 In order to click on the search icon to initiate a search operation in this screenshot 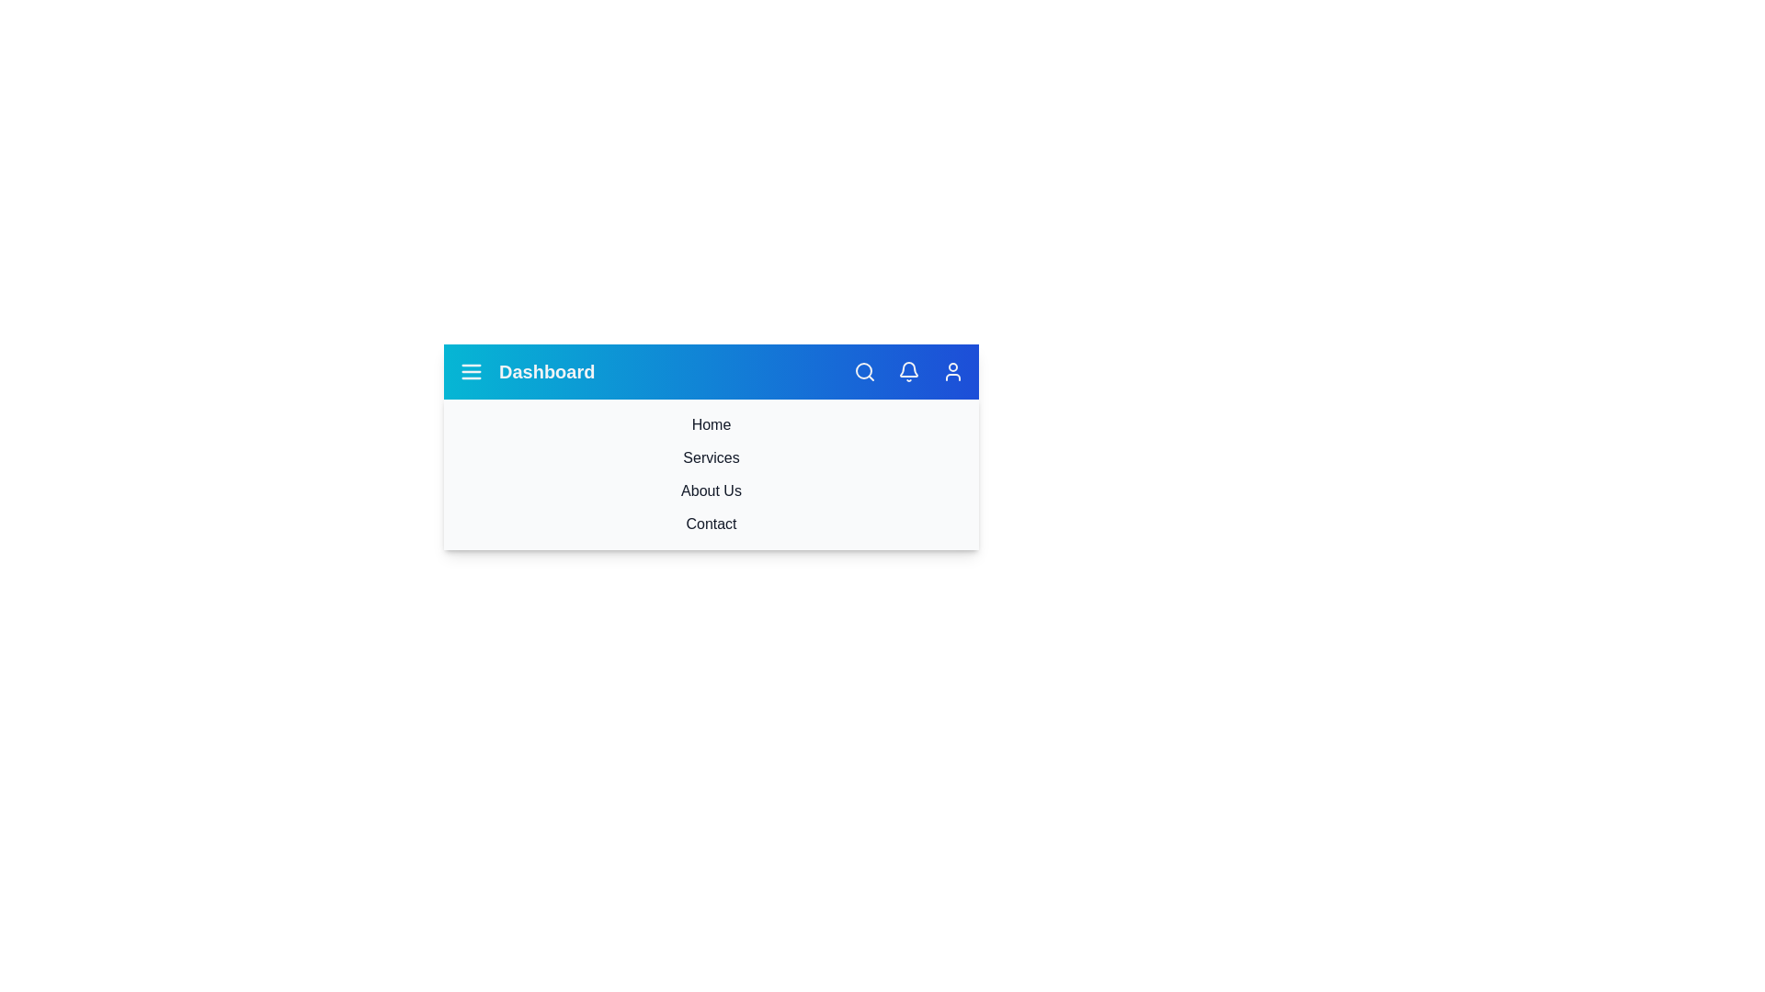, I will do `click(863, 372)`.